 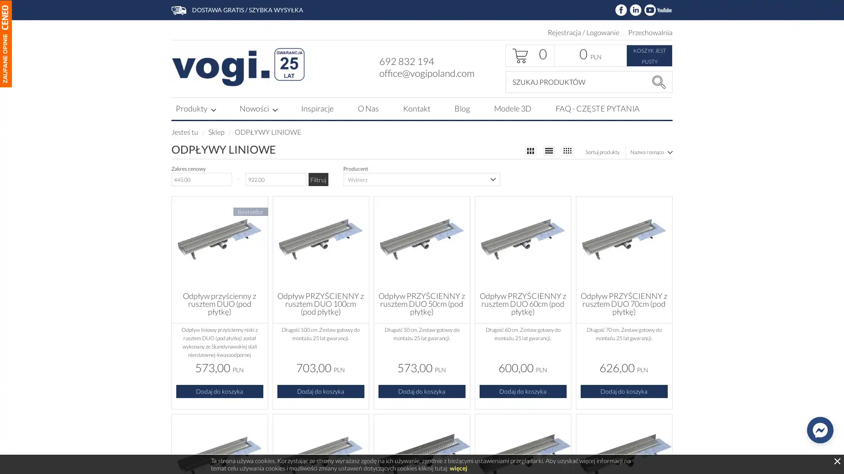 I want to click on Filtruj, so click(x=317, y=179).